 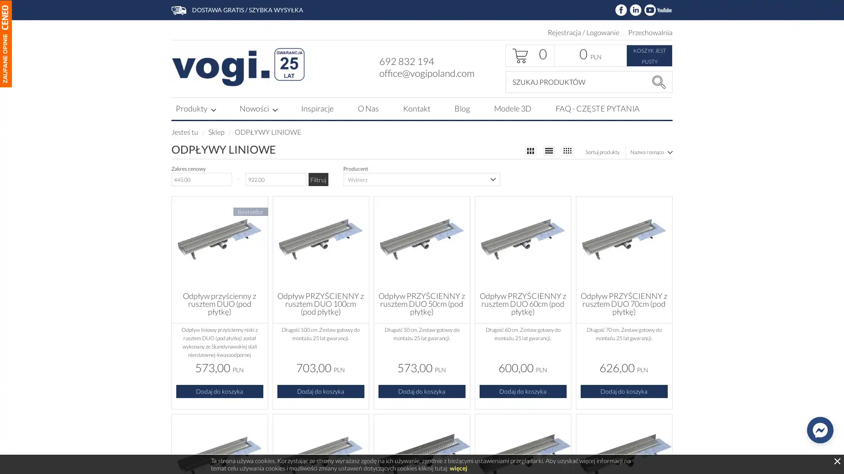 I want to click on Filtruj, so click(x=317, y=179).